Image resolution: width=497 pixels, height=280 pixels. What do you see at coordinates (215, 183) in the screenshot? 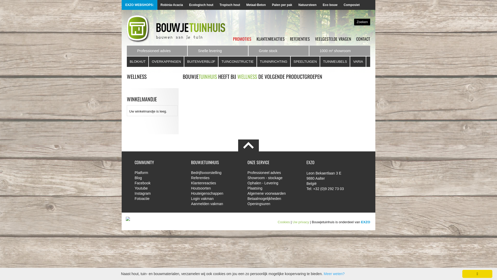
I see `'Klantenreacties'` at bounding box center [215, 183].